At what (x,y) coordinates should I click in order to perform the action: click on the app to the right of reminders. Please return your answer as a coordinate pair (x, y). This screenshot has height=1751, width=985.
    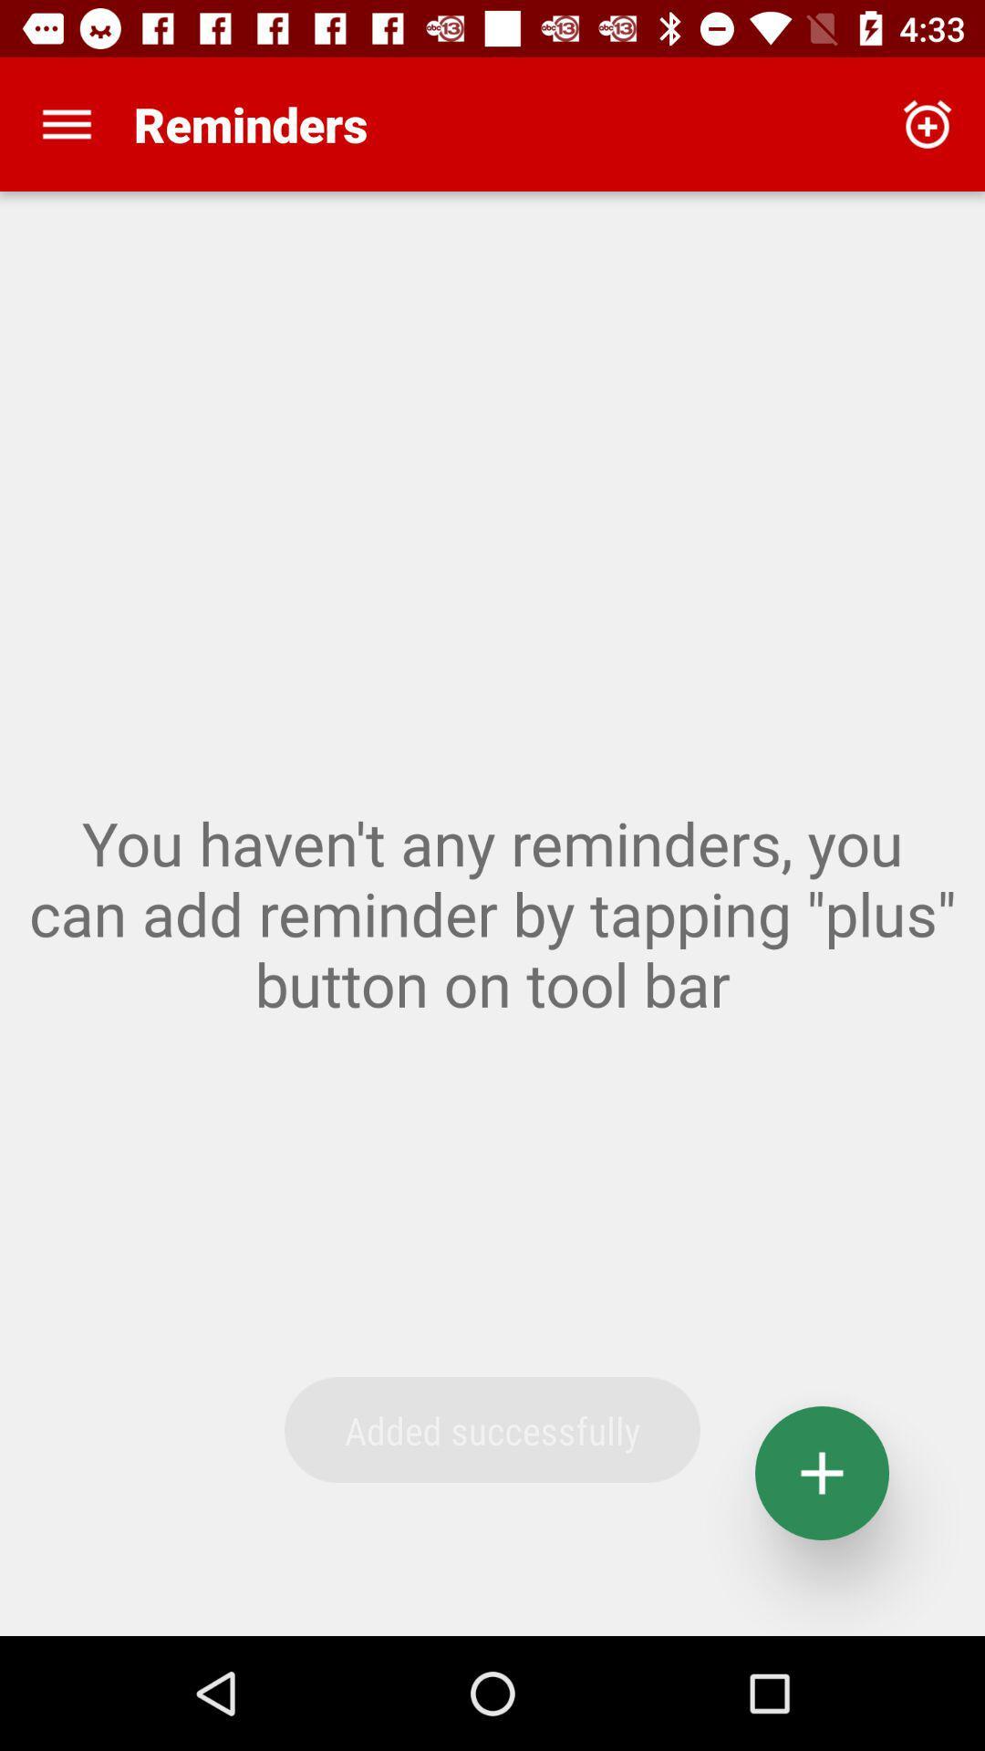
    Looking at the image, I should click on (928, 123).